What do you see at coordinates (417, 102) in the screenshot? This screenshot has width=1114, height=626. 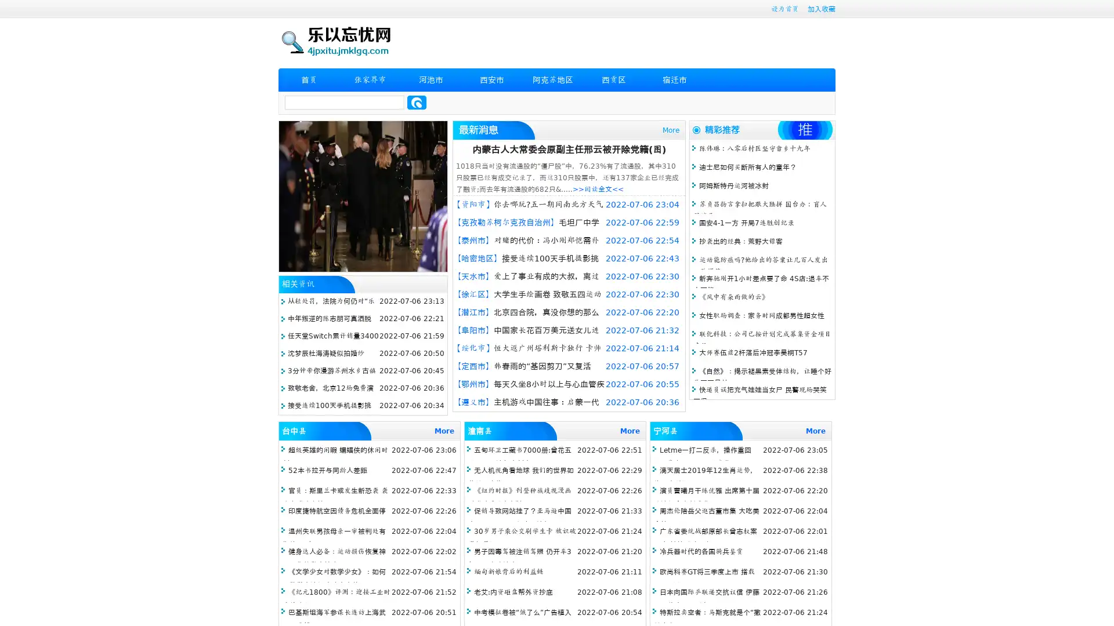 I see `Search` at bounding box center [417, 102].